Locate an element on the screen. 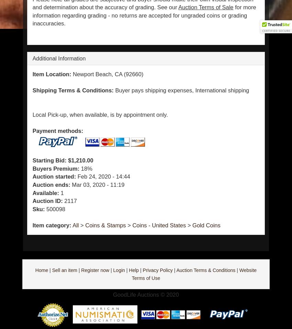  'Shipping Terms & Conditions:' is located at coordinates (72, 90).